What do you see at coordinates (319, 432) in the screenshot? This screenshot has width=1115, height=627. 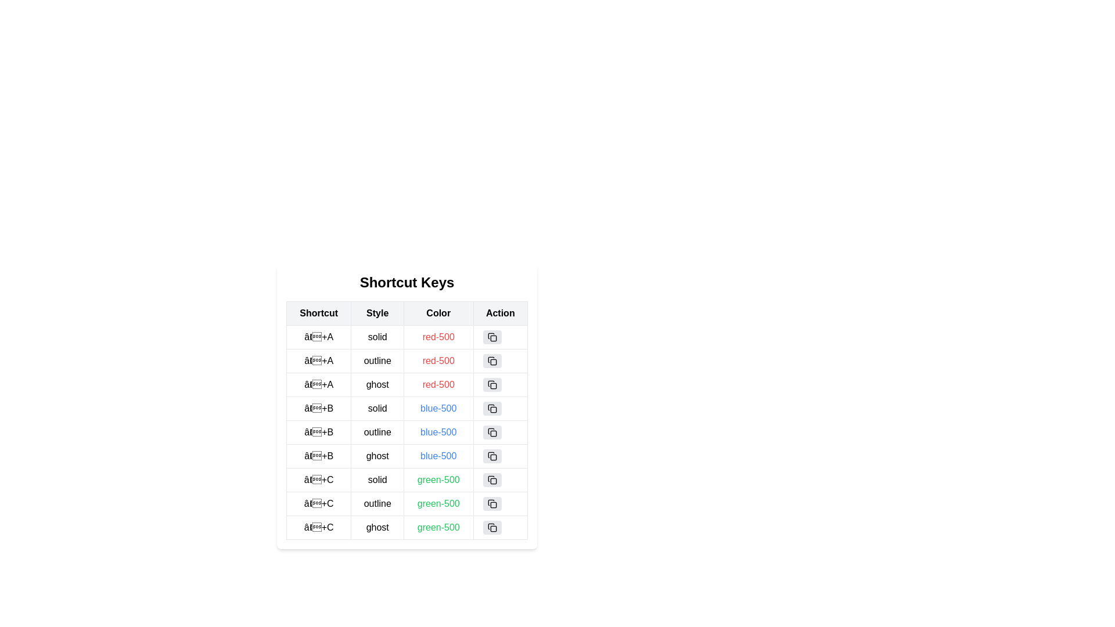 I see `text label displaying the keyboard shortcut located in the 'Shortcut' column of the table, which is the first item in its row corresponding to the 'outline' style and 'blue-500' color` at bounding box center [319, 432].